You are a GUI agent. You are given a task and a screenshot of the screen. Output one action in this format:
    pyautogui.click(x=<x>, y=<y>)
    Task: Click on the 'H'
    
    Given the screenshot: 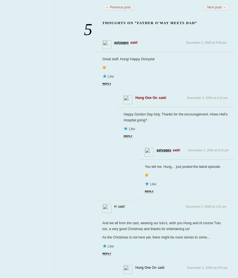 What is the action you would take?
    pyautogui.click(x=115, y=206)
    